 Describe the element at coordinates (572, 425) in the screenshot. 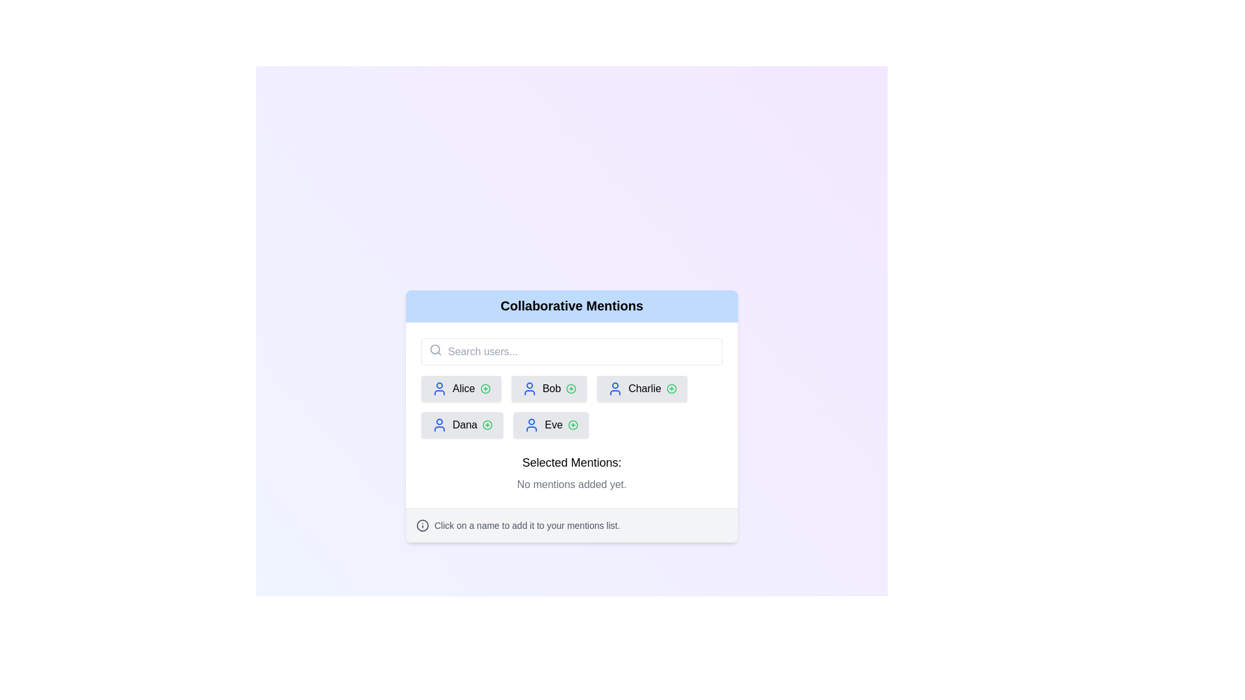

I see `the circular green outlined button with a plus symbol located to the right of the label 'Eve' under the 'Collaborative Mentions' heading` at that location.